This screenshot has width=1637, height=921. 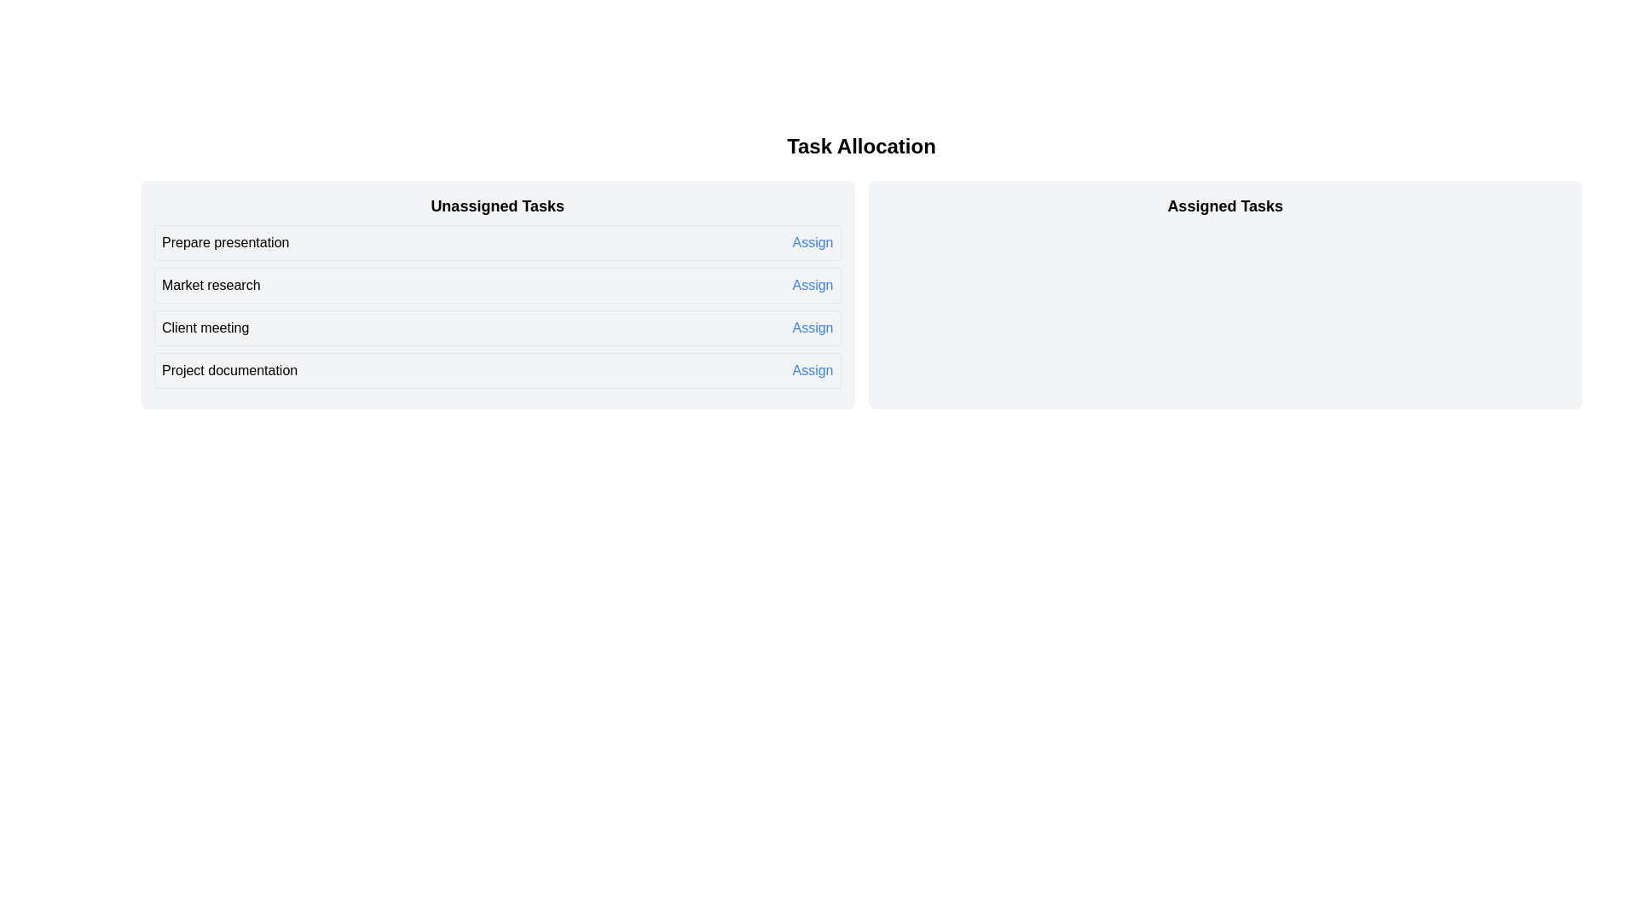 What do you see at coordinates (224, 243) in the screenshot?
I see `the text label displaying 'Prepare presentation' located in the 'Unassigned Tasks' section, which is the first item in the list above 'Market research'` at bounding box center [224, 243].